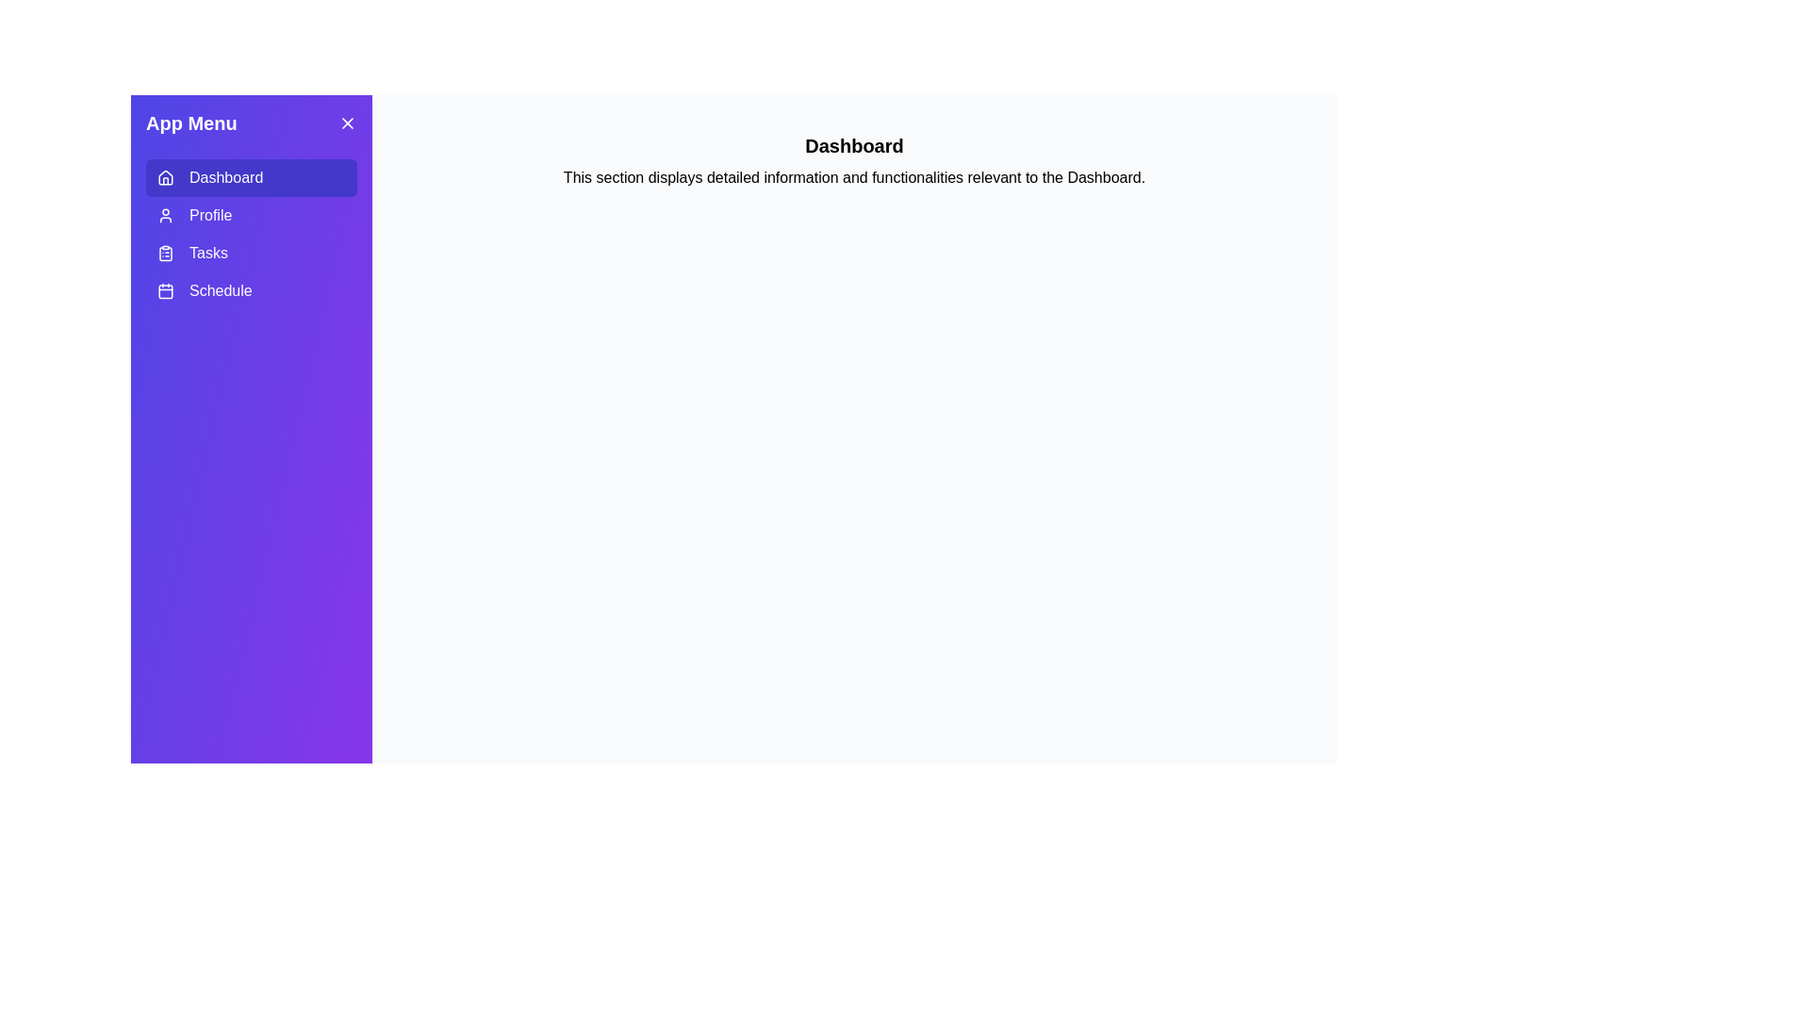  What do you see at coordinates (348, 123) in the screenshot?
I see `close button (X icon) on the drawer to close it` at bounding box center [348, 123].